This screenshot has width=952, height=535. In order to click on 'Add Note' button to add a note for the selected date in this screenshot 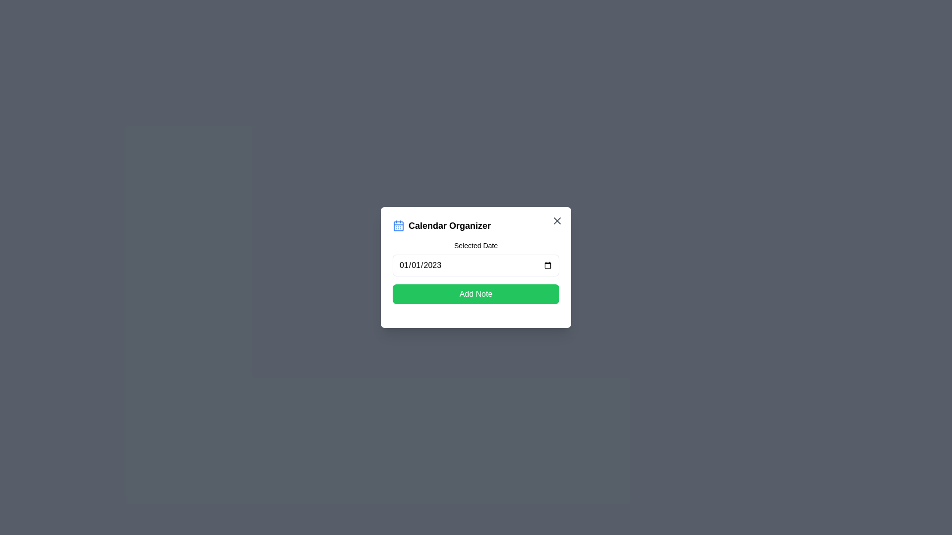, I will do `click(476, 294)`.